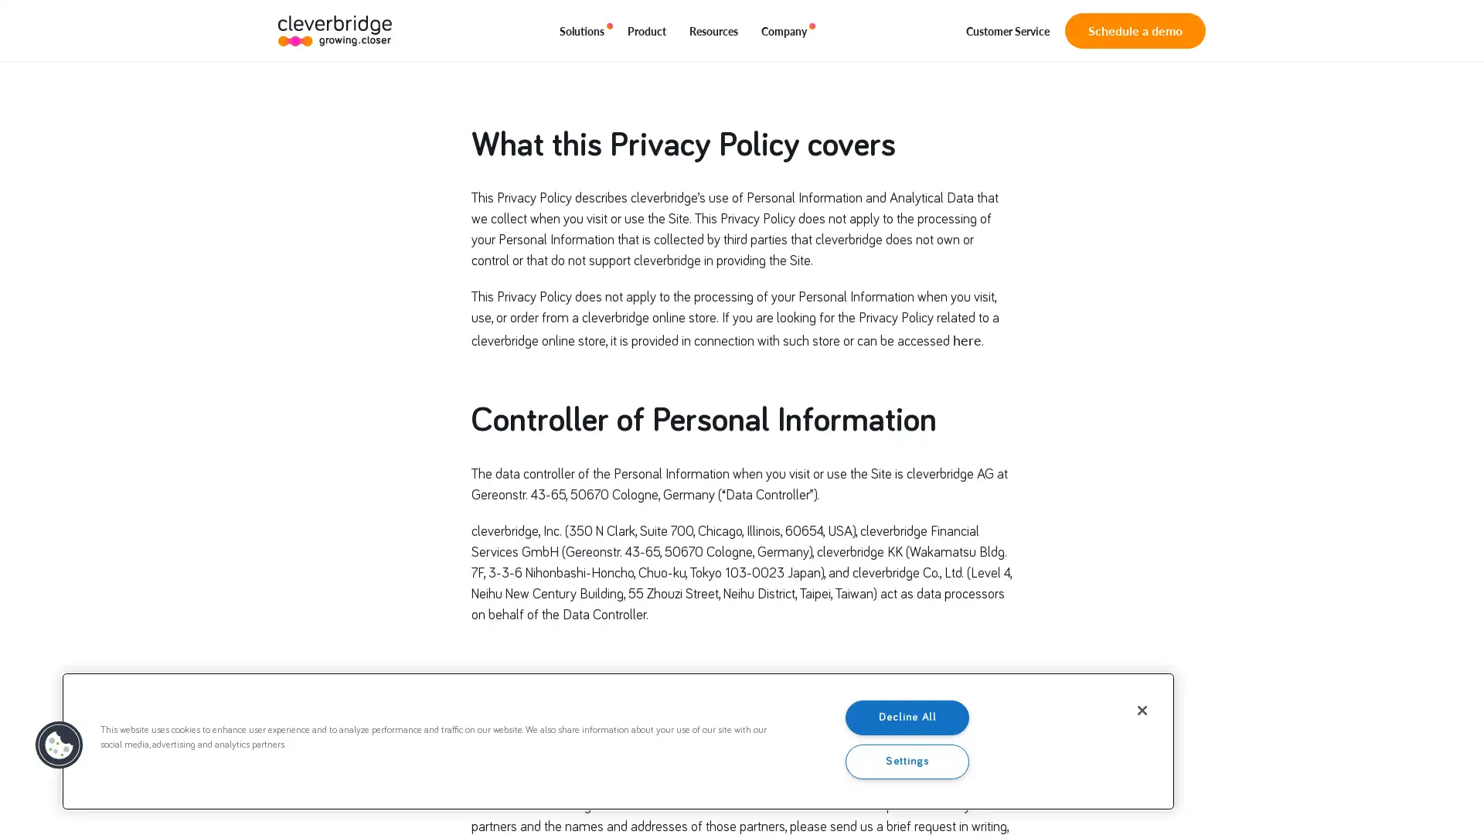 This screenshot has width=1484, height=835. Describe the element at coordinates (907, 717) in the screenshot. I see `Decline All` at that location.